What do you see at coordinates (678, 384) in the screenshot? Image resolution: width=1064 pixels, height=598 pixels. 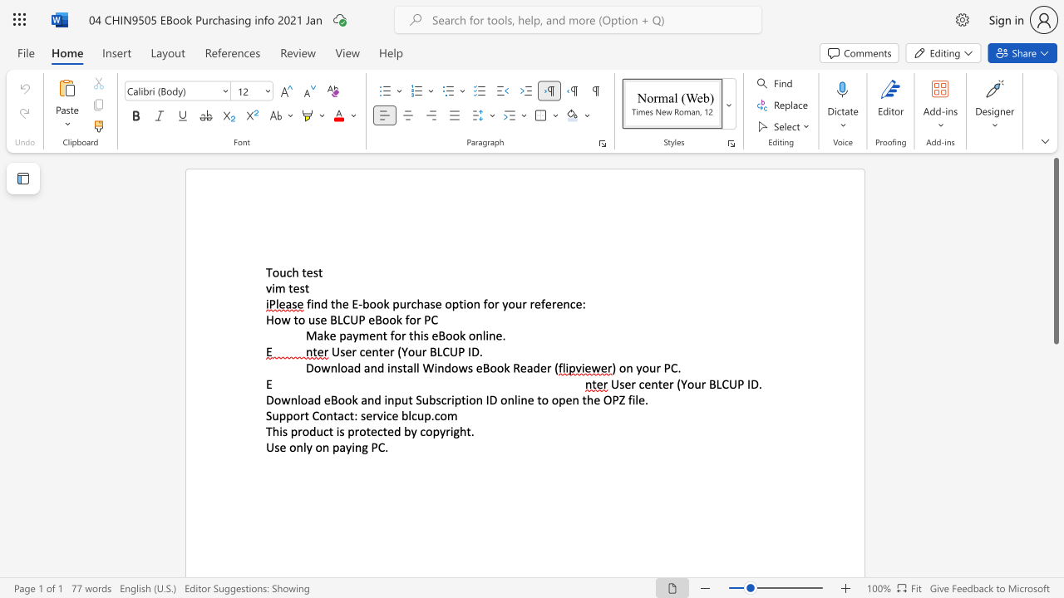 I see `the 1th character "(" in the text` at bounding box center [678, 384].